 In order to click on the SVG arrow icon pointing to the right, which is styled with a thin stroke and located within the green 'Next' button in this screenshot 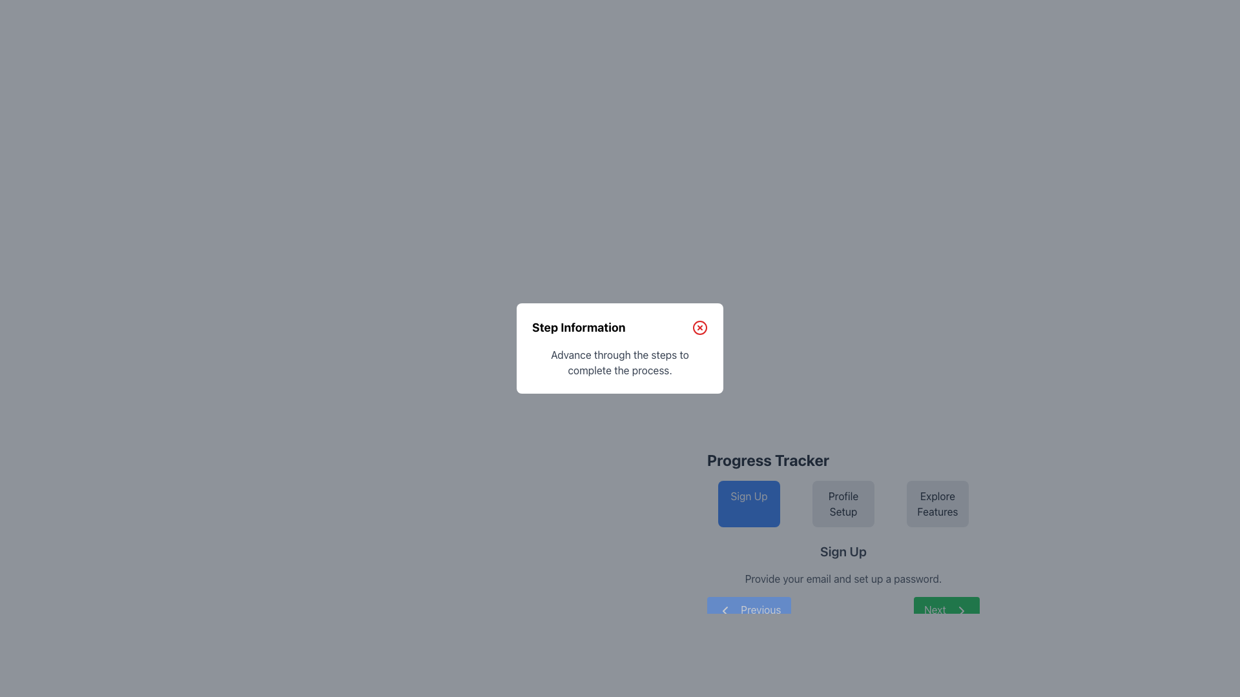, I will do `click(961, 610)`.